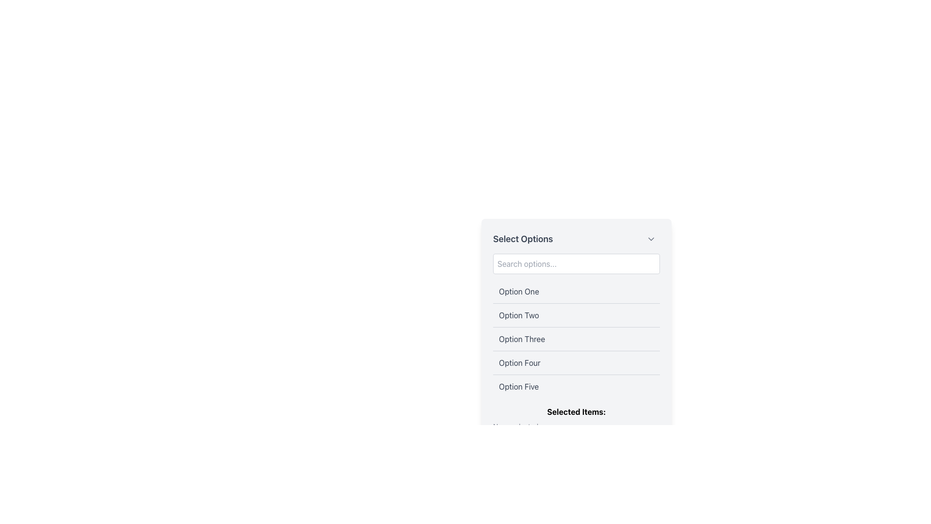 This screenshot has width=931, height=524. I want to click on the List Item labeled 'Option Five', so click(577, 385).